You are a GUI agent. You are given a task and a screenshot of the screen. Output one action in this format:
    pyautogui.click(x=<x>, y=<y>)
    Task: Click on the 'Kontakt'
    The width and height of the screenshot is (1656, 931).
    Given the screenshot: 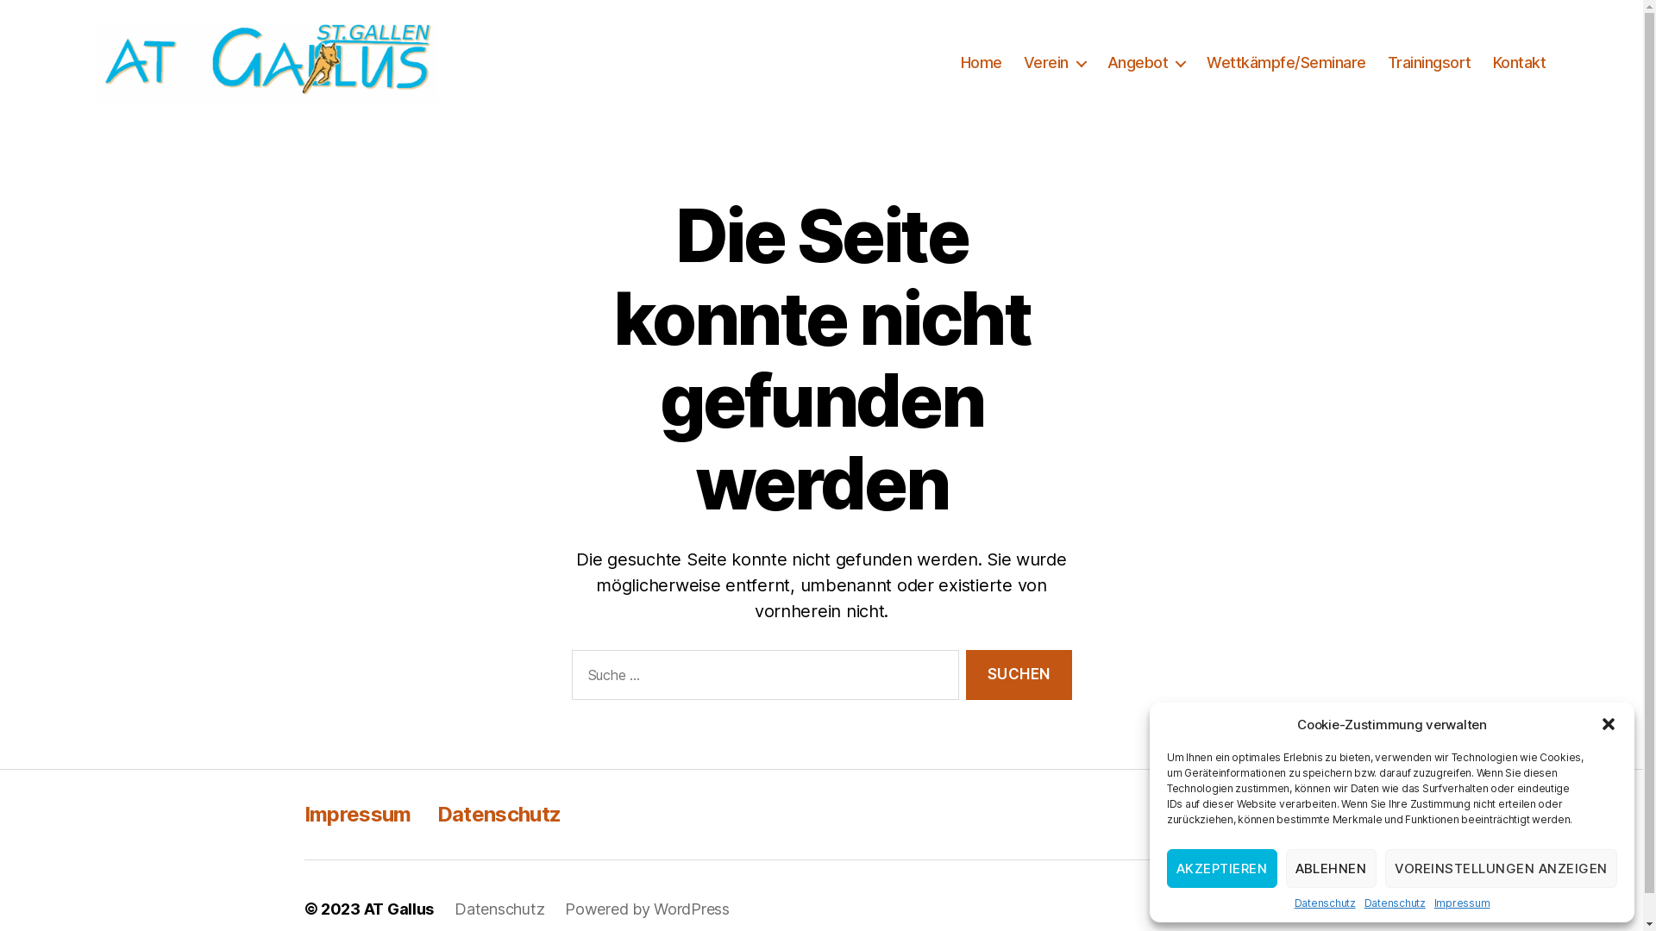 What is the action you would take?
    pyautogui.click(x=1492, y=62)
    